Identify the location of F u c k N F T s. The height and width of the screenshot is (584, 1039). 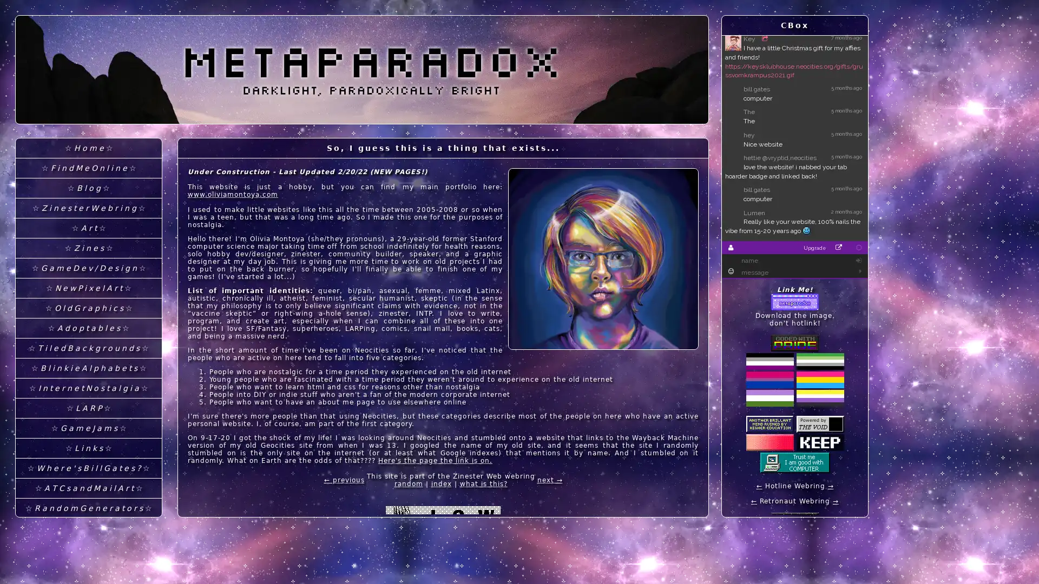
(88, 528).